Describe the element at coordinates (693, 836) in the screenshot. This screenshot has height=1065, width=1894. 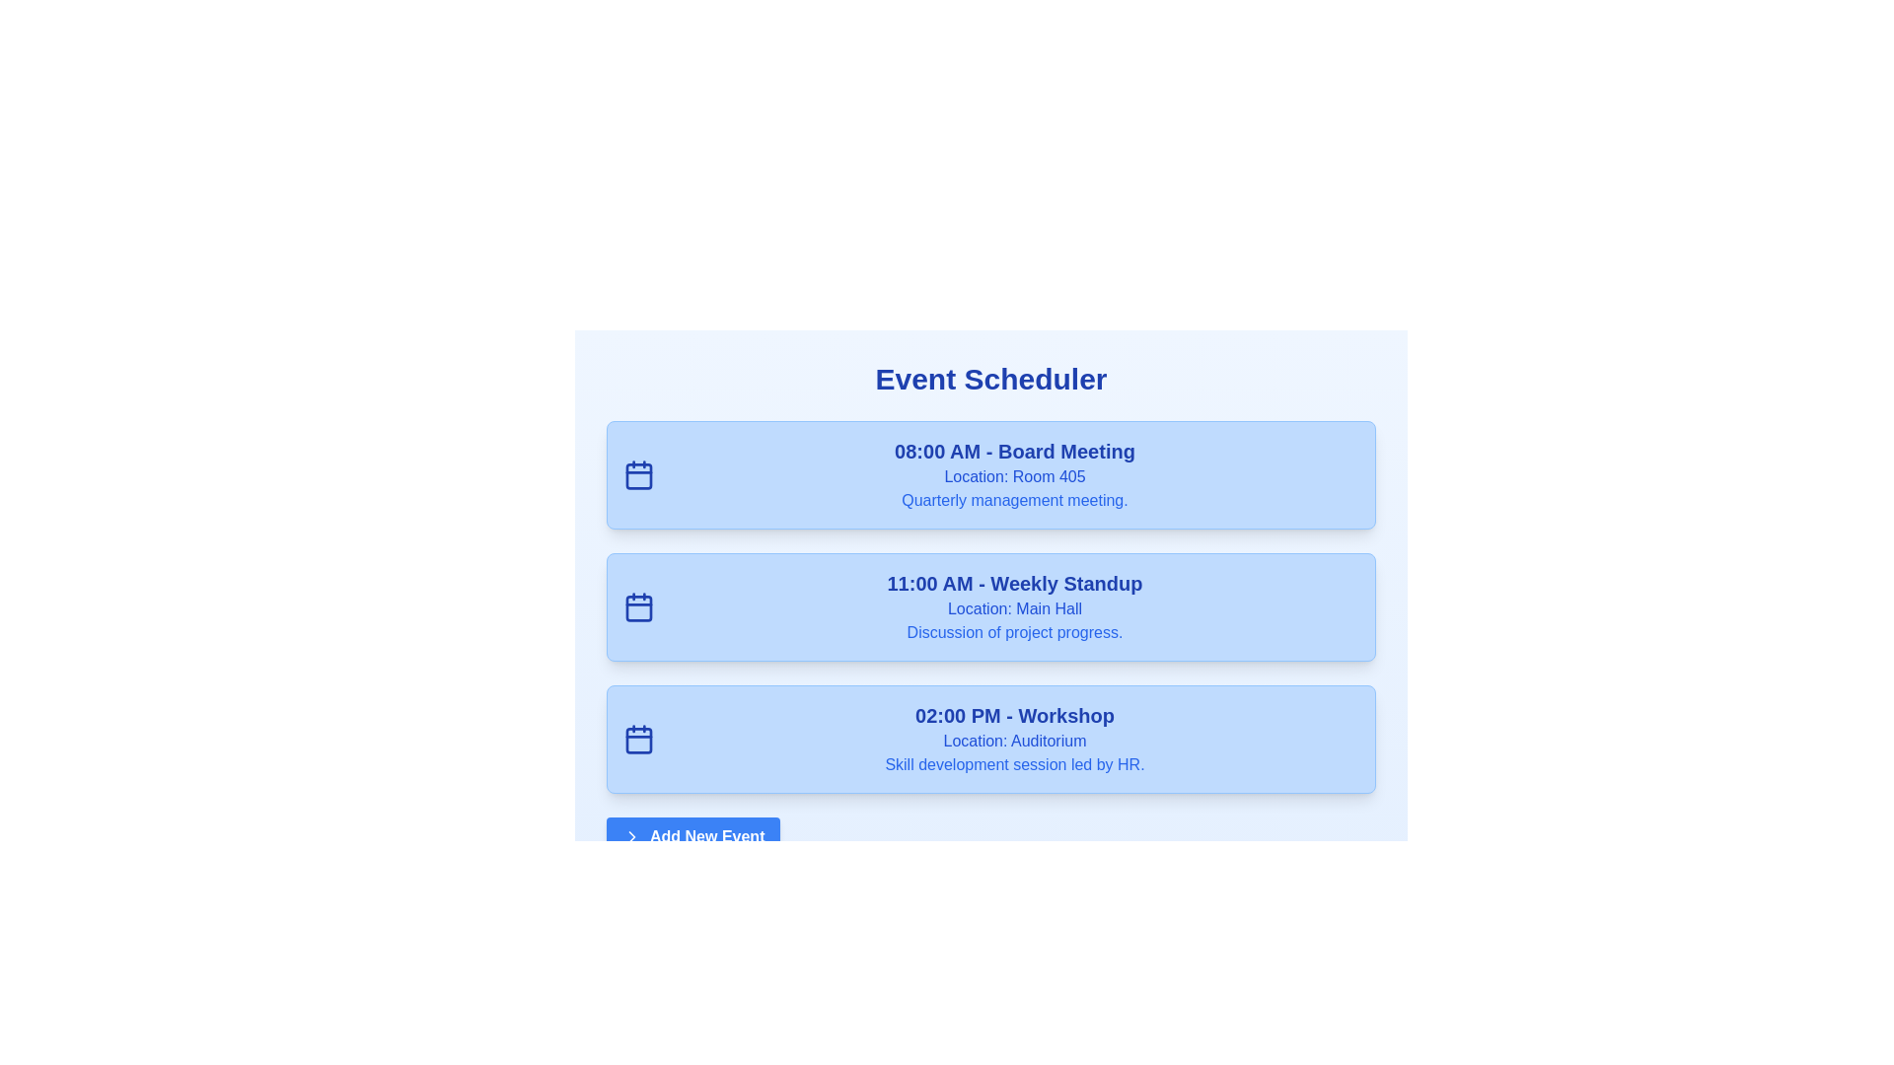
I see `the 'Add New Event' button, which is a blue rectangular button with rounded corners, containing white bold text and an arrow icon, to observe the visual change` at that location.